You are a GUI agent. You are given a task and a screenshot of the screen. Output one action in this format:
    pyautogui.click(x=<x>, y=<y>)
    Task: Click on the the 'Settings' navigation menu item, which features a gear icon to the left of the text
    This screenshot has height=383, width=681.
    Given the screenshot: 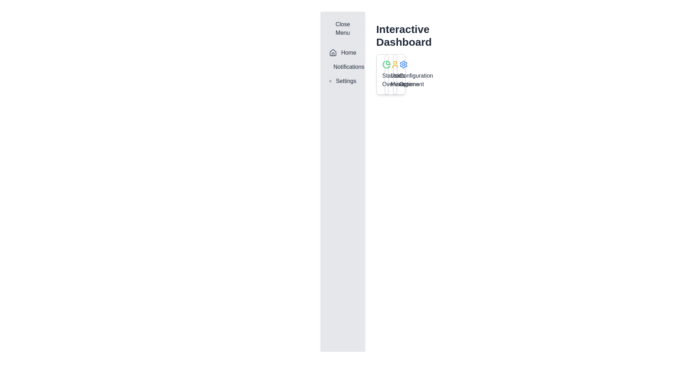 What is the action you would take?
    pyautogui.click(x=343, y=81)
    